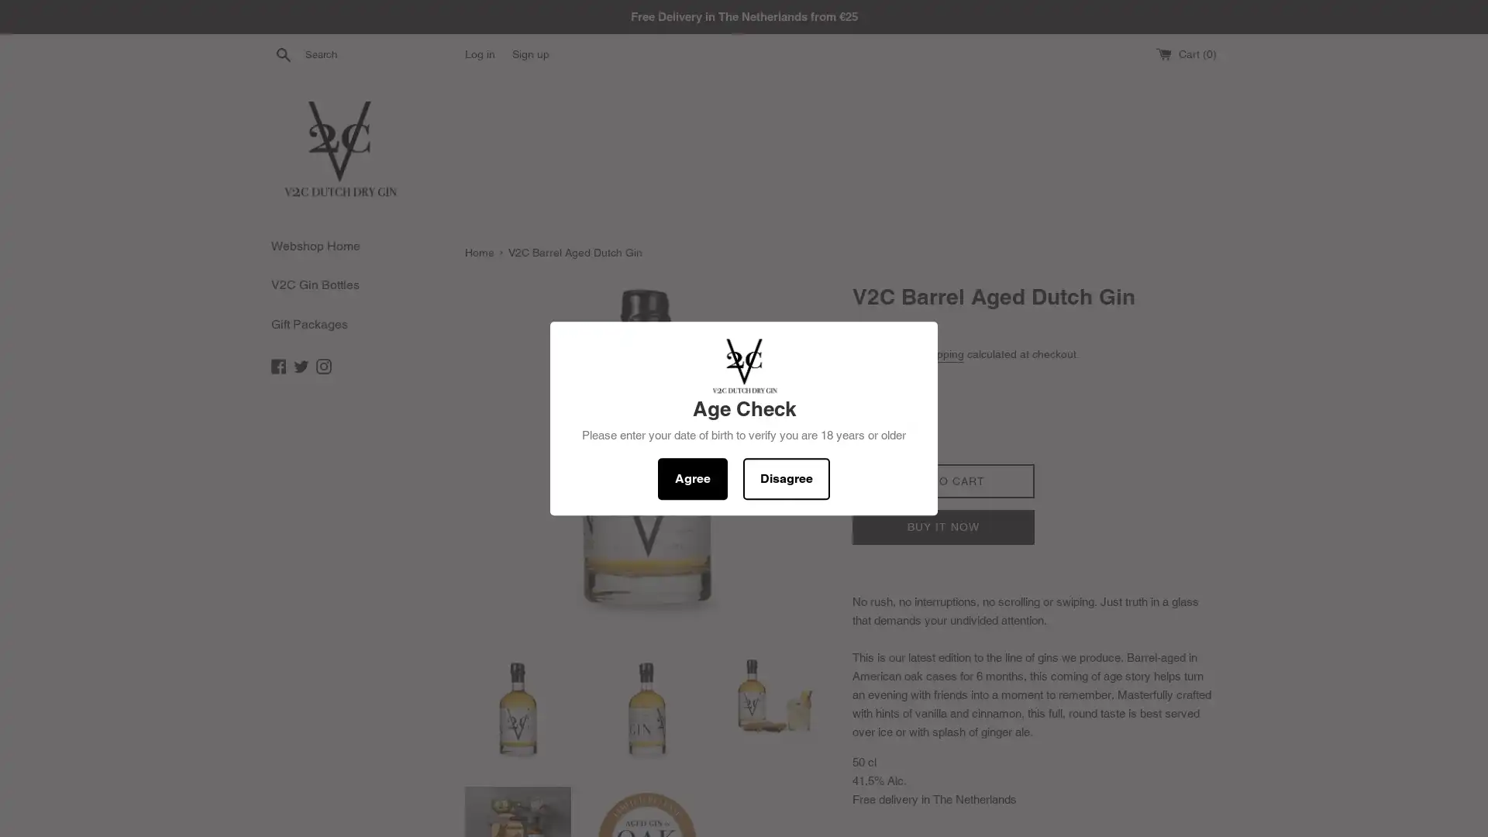 The height and width of the screenshot is (837, 1488). I want to click on Disagree, so click(786, 477).